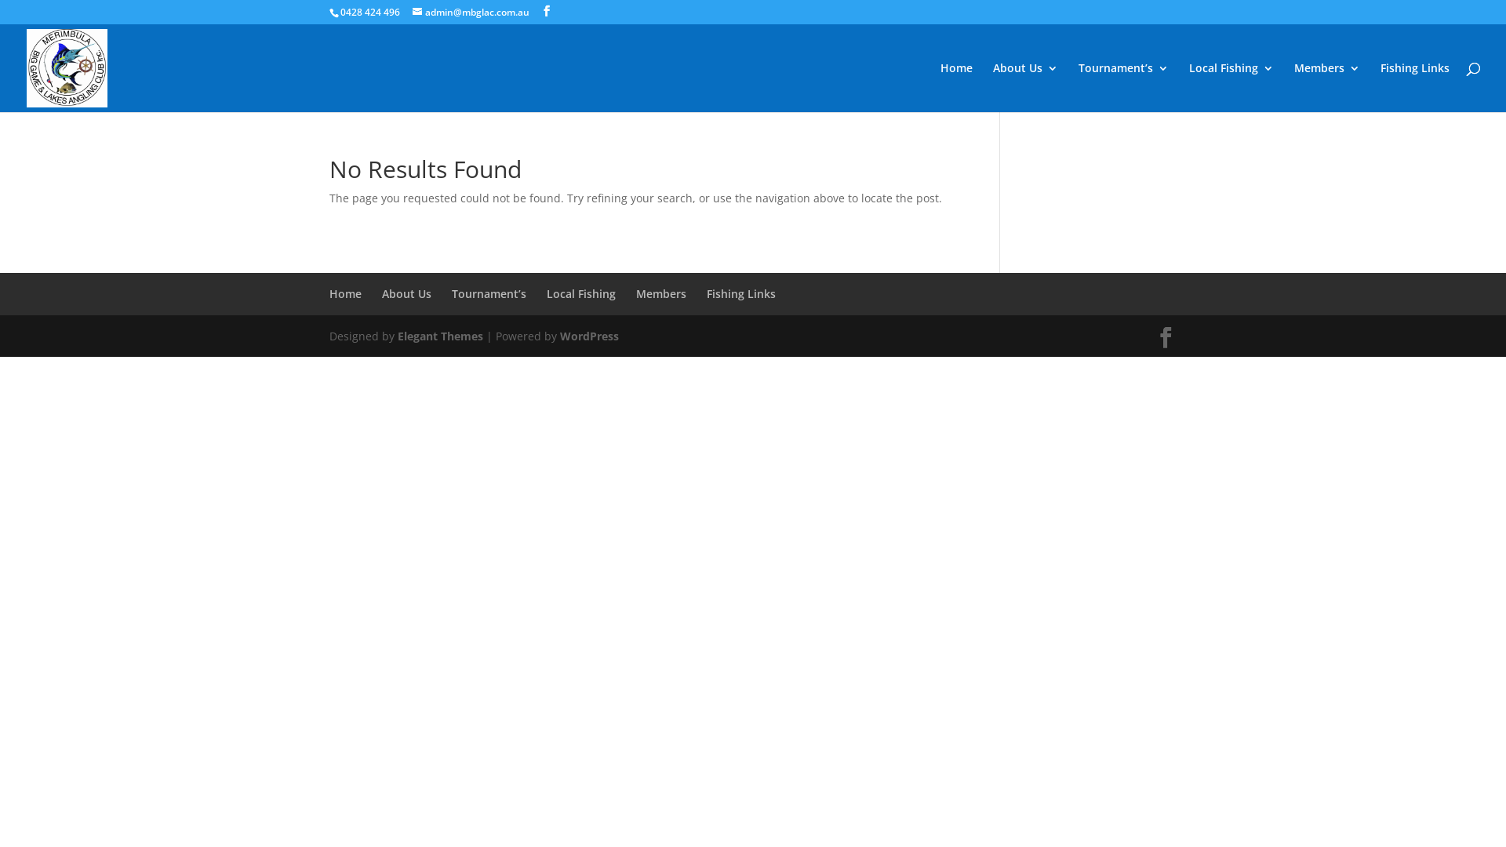  What do you see at coordinates (1025, 87) in the screenshot?
I see `'About Us'` at bounding box center [1025, 87].